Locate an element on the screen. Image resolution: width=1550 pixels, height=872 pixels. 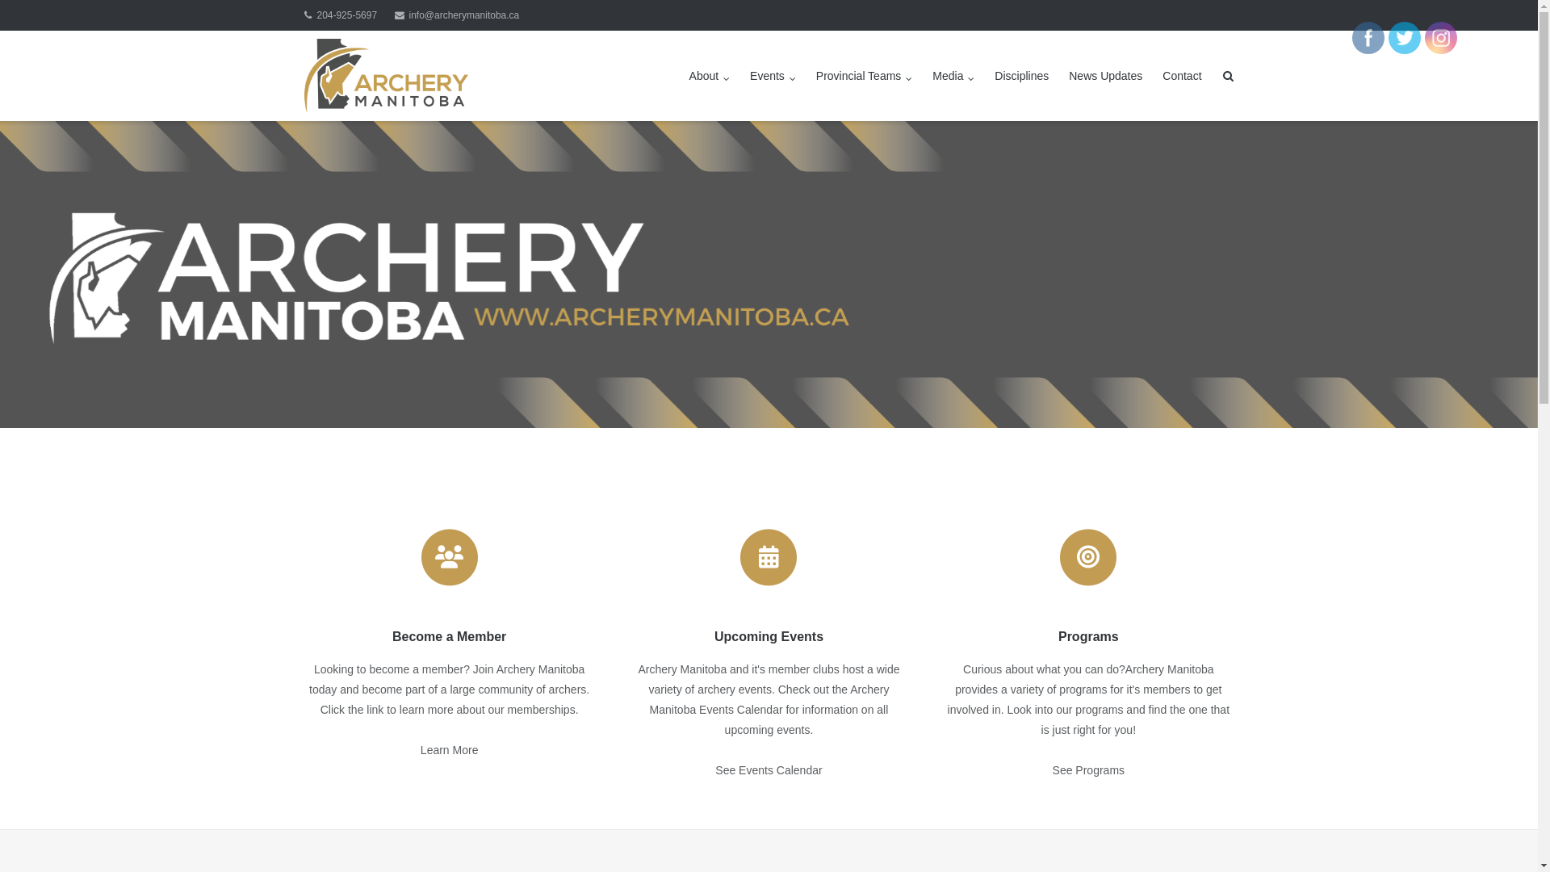
'info@archerymanitoba.ca' is located at coordinates (456, 15).